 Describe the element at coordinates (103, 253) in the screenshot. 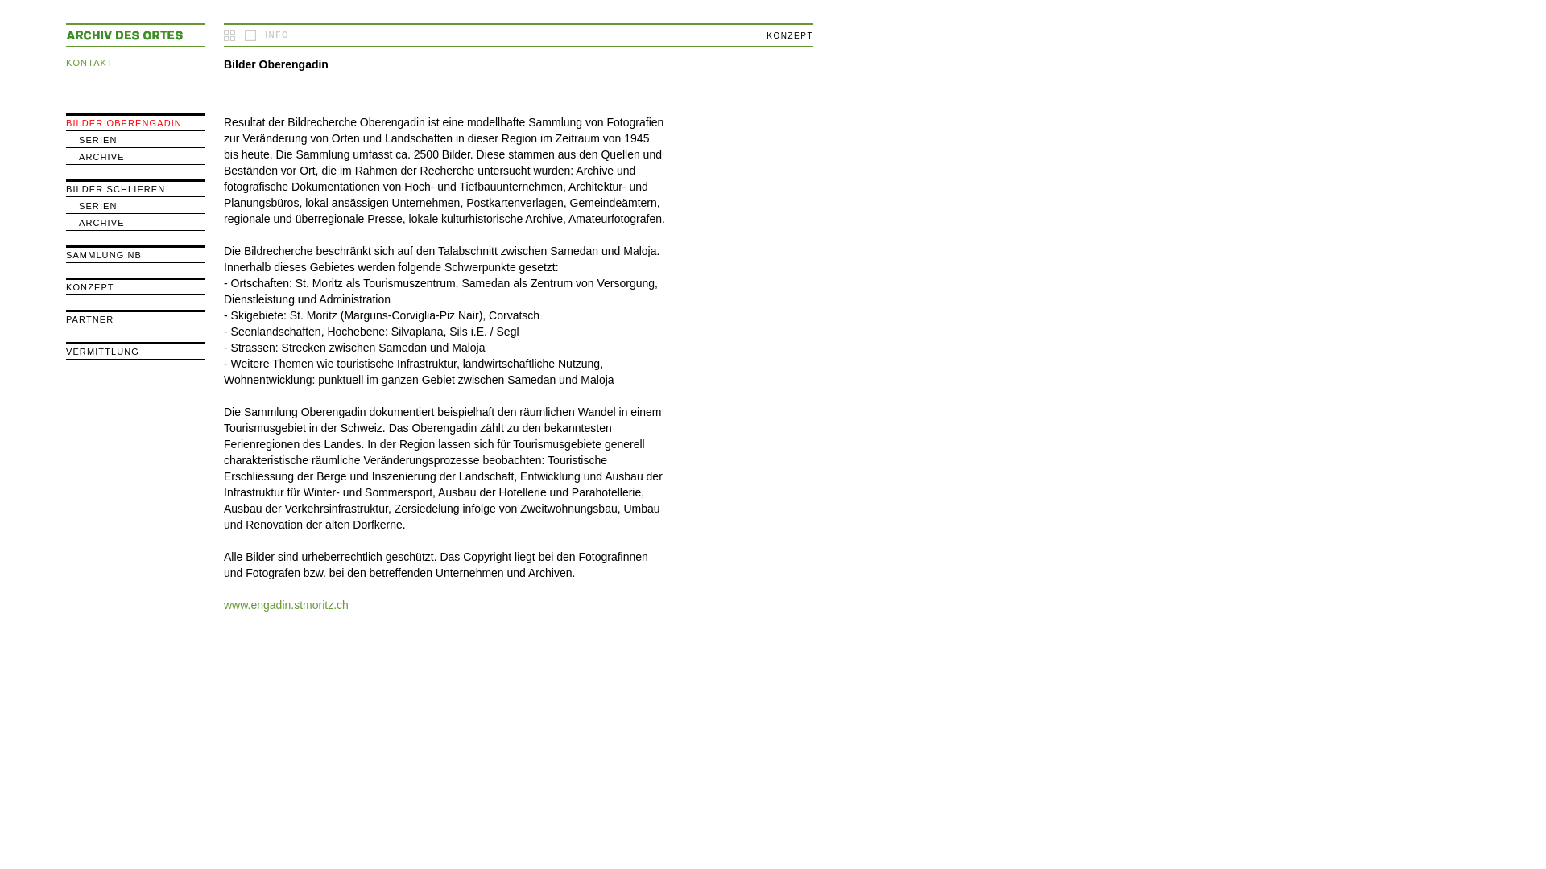

I see `'SAMMLUNG NB'` at that location.